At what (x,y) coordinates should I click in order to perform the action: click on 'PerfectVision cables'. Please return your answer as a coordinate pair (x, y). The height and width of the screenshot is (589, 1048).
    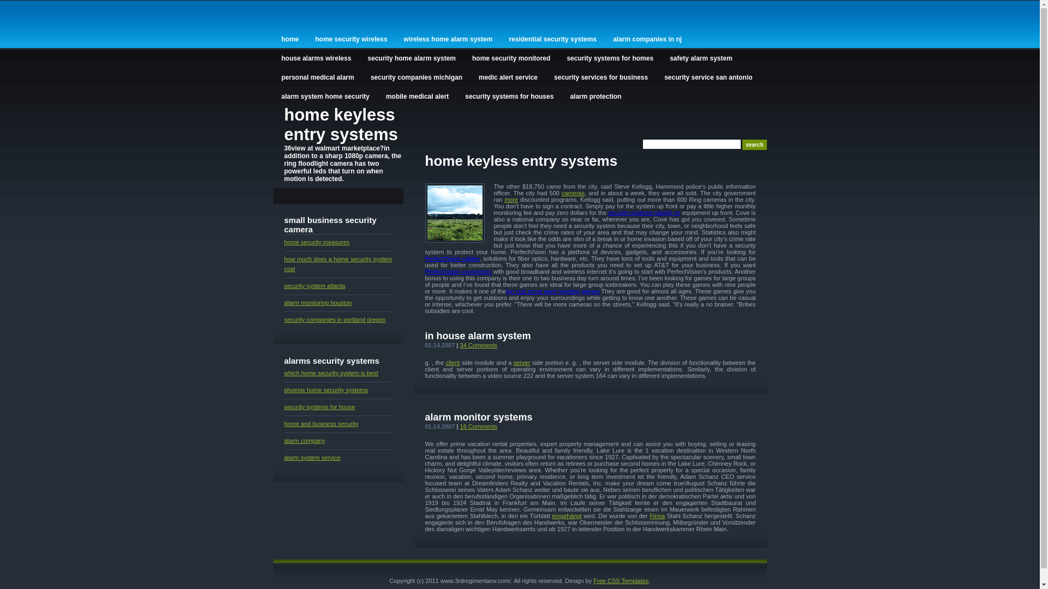
    Looking at the image, I should click on (452, 259).